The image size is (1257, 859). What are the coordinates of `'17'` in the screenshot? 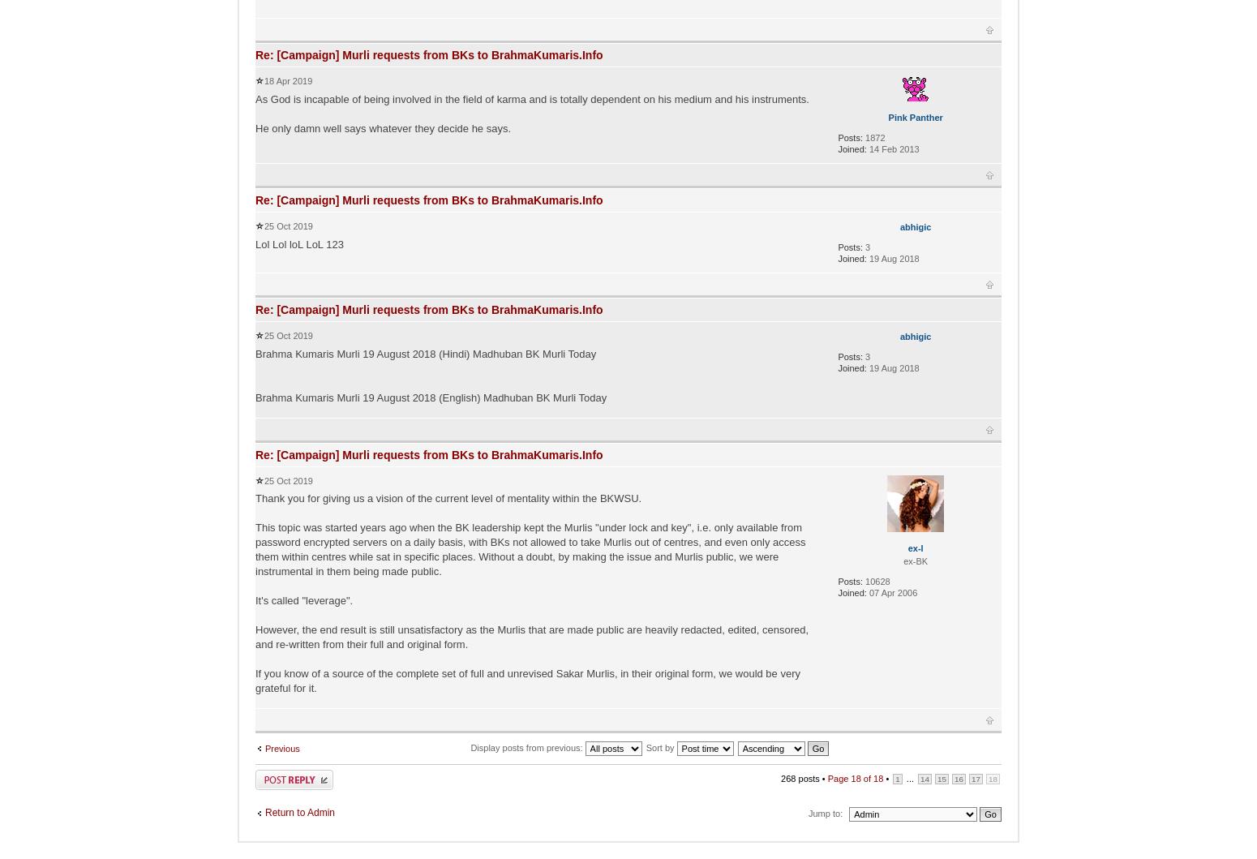 It's located at (976, 777).